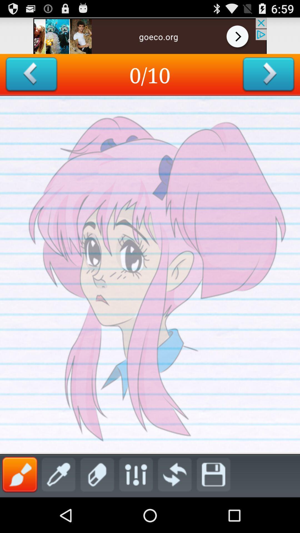 This screenshot has height=533, width=300. Describe the element at coordinates (31, 74) in the screenshot. I see `this icon is used to go previous picture` at that location.